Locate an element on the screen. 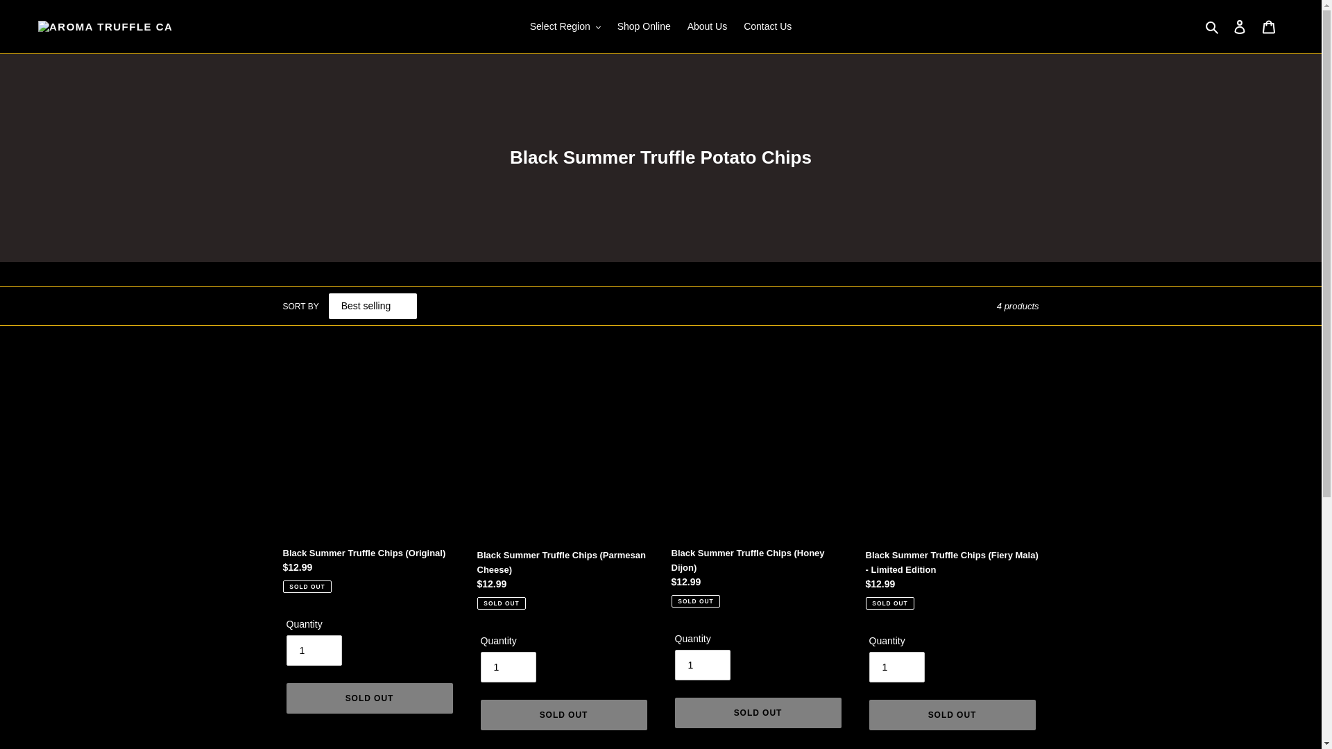 Image resolution: width=1332 pixels, height=749 pixels. 'Search' is located at coordinates (1212, 26).